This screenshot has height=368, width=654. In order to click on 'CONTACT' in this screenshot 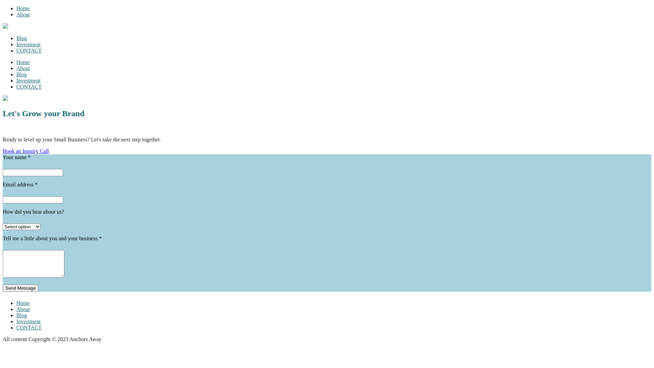, I will do `click(29, 327)`.